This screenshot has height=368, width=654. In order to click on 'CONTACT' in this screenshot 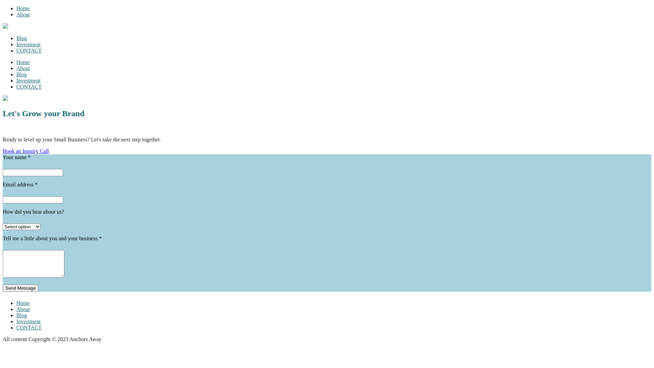, I will do `click(29, 327)`.